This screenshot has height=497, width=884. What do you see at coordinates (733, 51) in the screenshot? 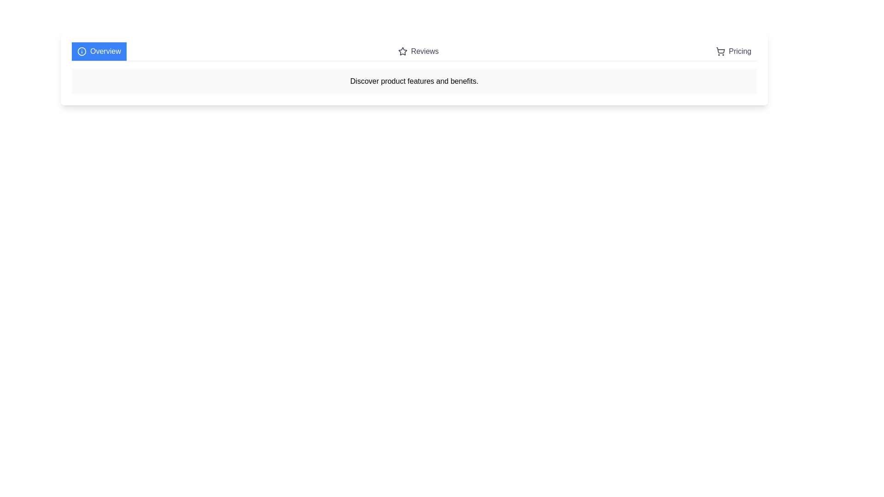
I see `the Pricing tab by clicking on its button` at bounding box center [733, 51].